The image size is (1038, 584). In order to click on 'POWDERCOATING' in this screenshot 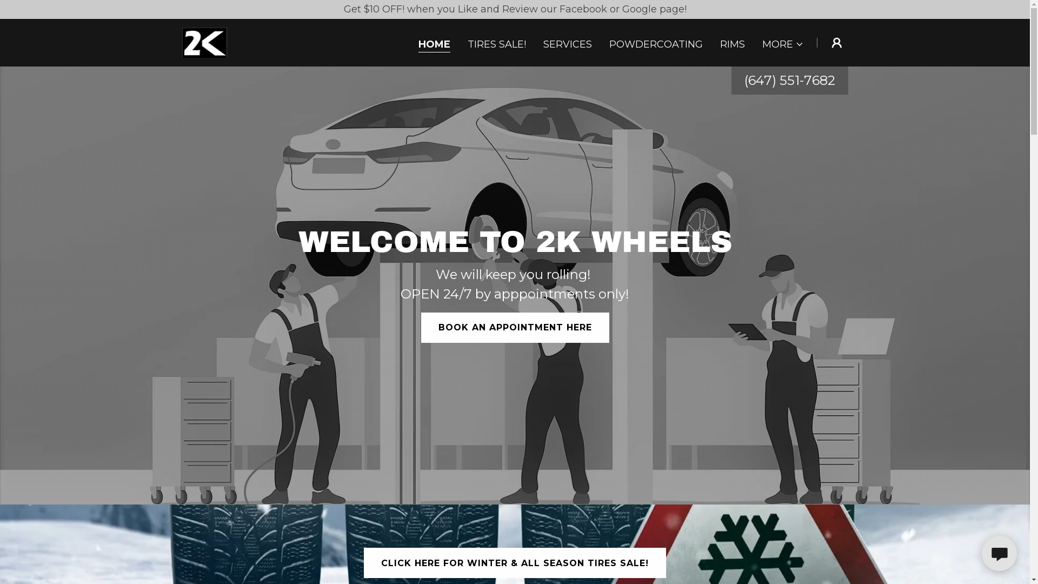, I will do `click(655, 43)`.